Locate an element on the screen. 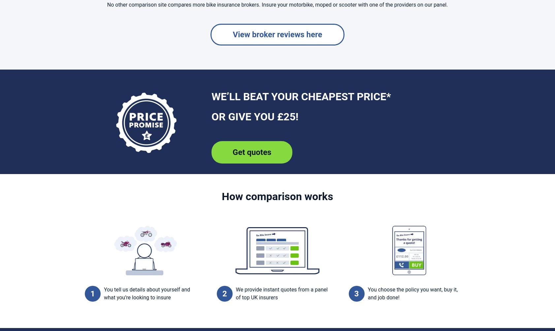 The image size is (555, 331). '1' is located at coordinates (92, 293).